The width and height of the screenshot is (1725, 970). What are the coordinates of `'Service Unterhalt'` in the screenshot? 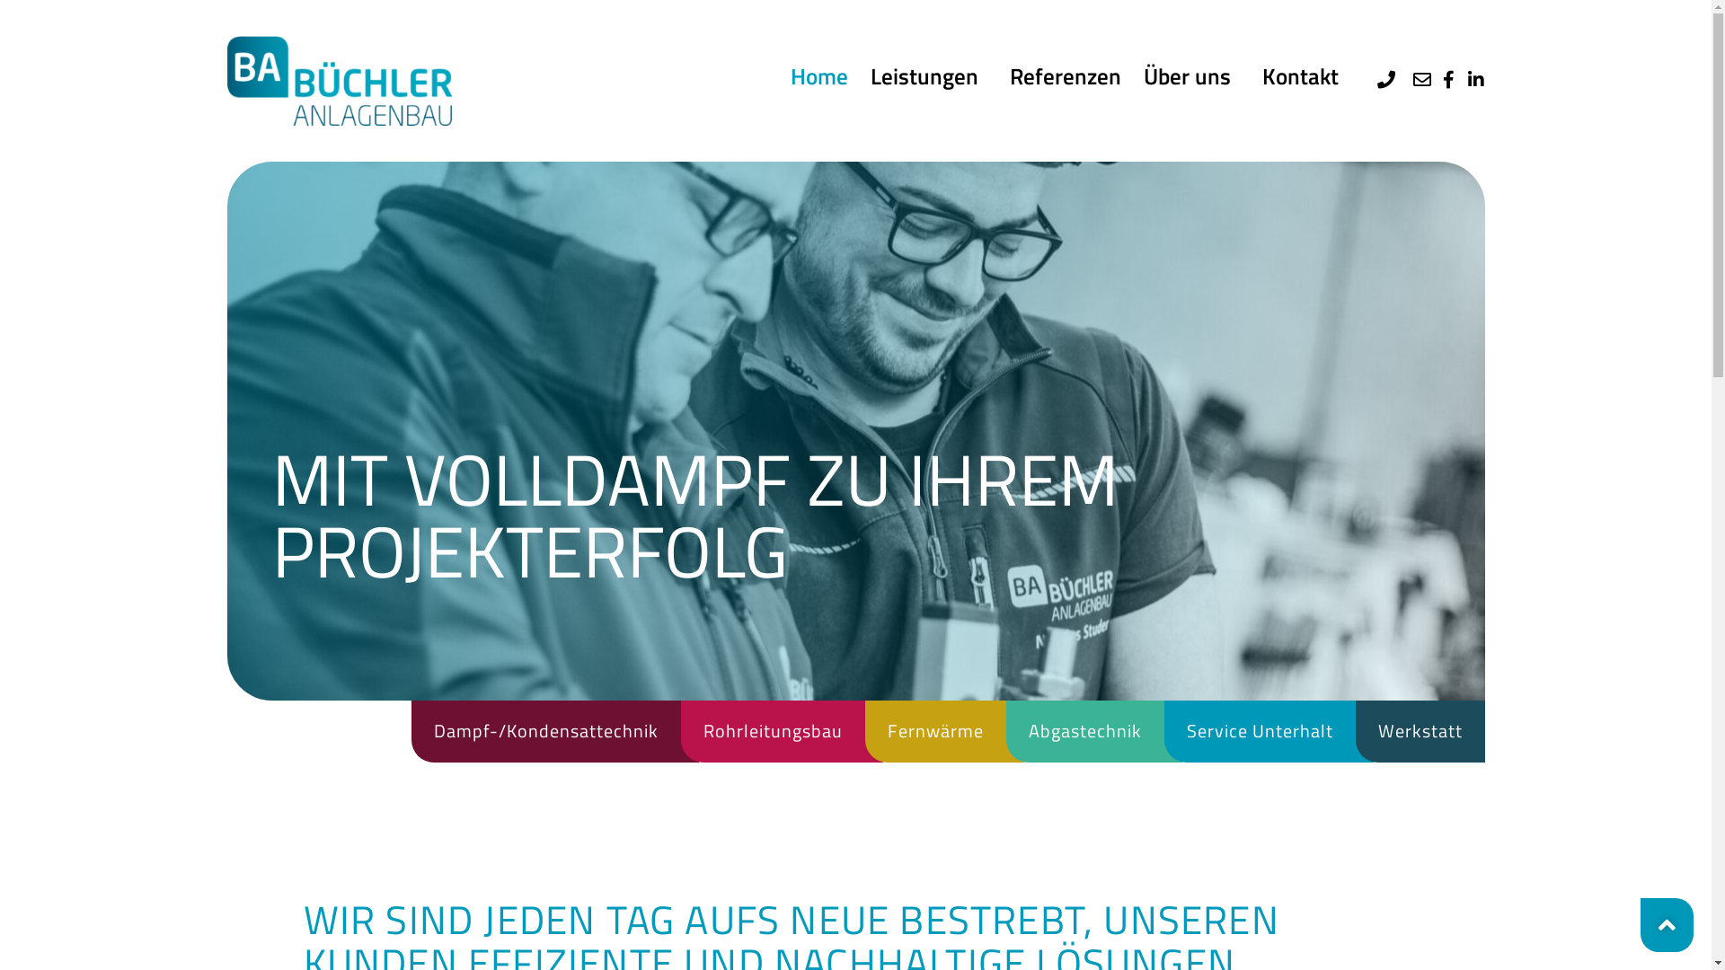 It's located at (1186, 730).